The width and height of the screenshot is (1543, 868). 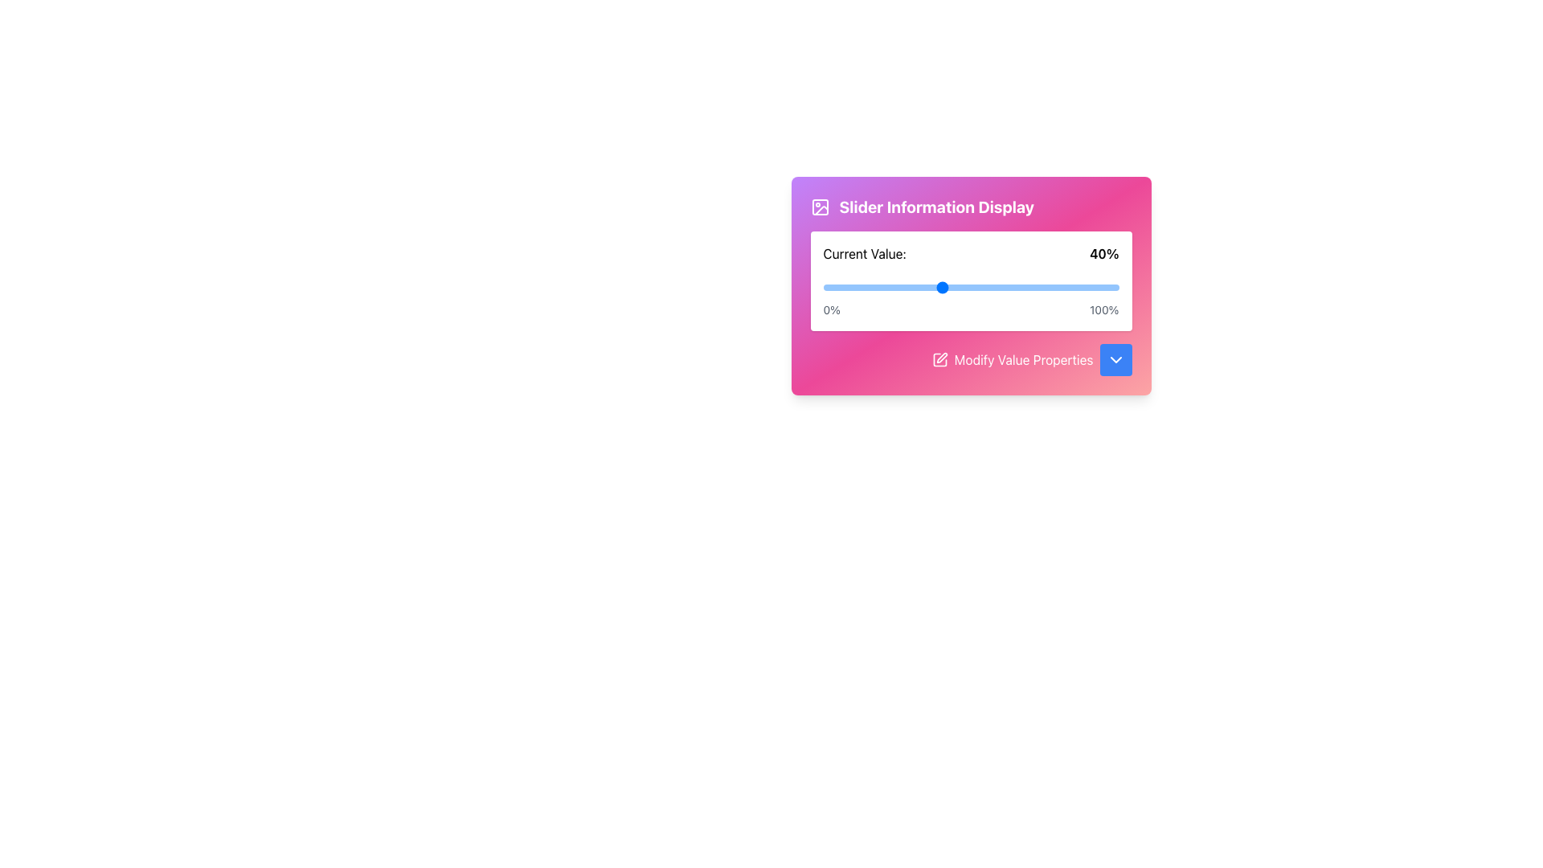 I want to click on the slider value, so click(x=1080, y=287).